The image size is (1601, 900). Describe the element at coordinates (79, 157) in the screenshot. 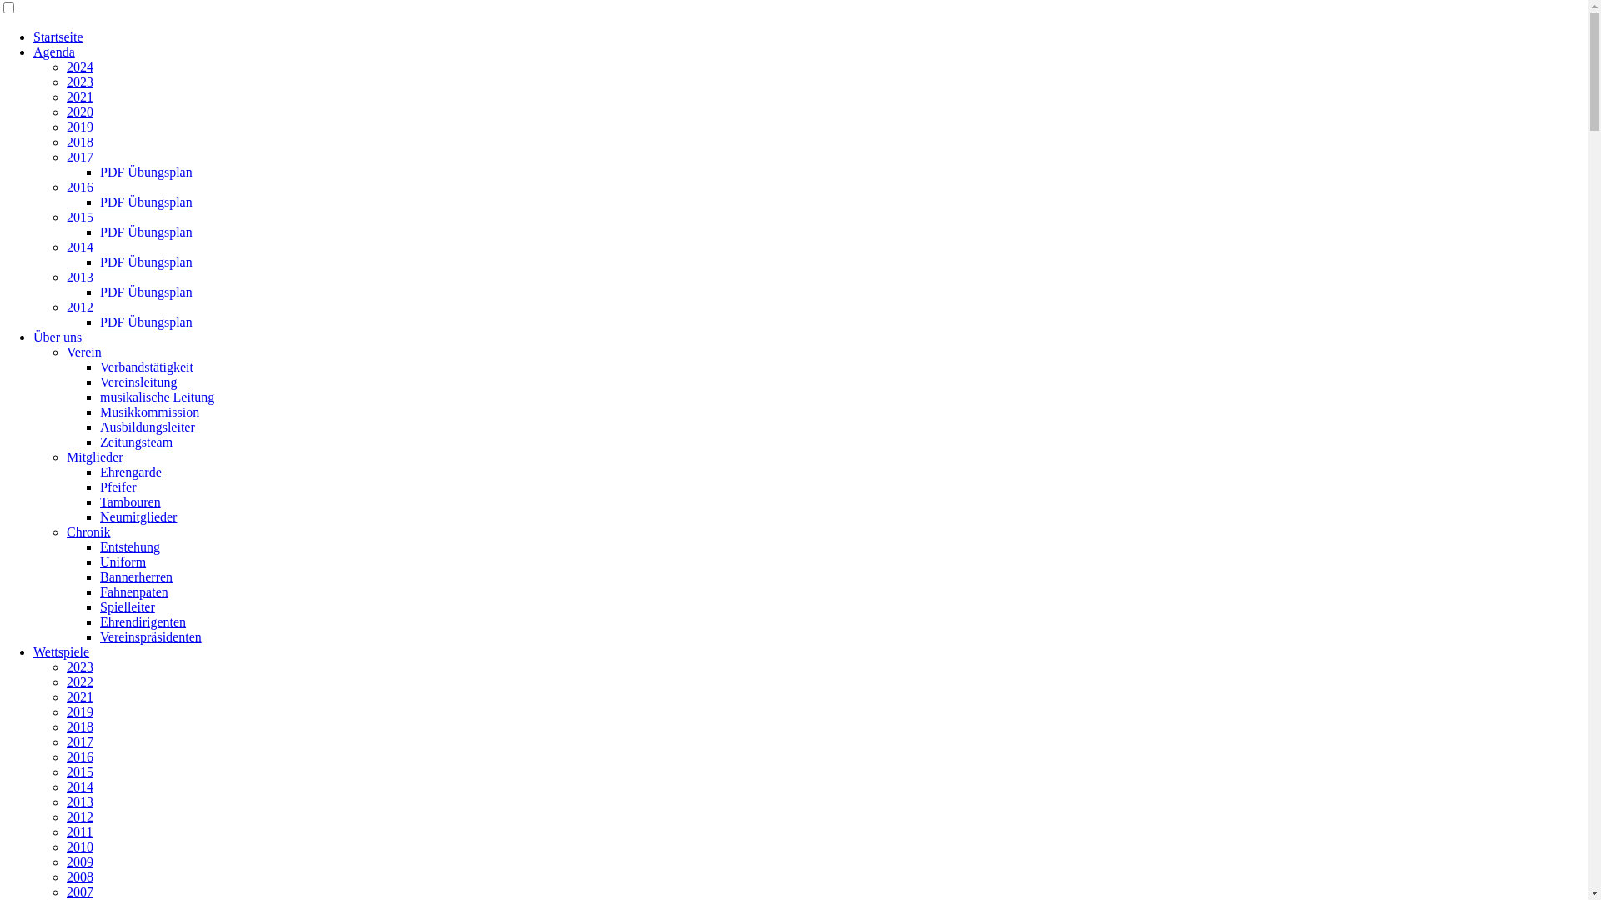

I see `'2017'` at that location.